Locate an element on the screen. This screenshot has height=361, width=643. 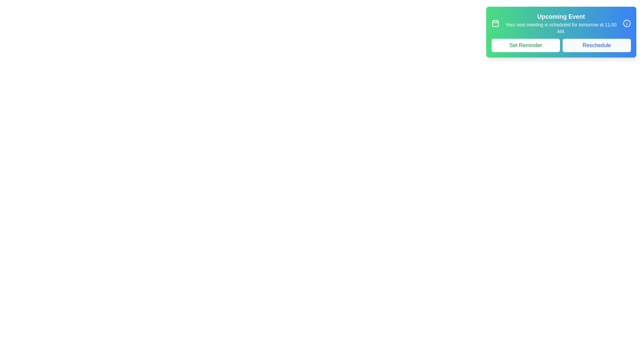
the 'Set Reminder' button to set a reminder for the event is located at coordinates (525, 45).